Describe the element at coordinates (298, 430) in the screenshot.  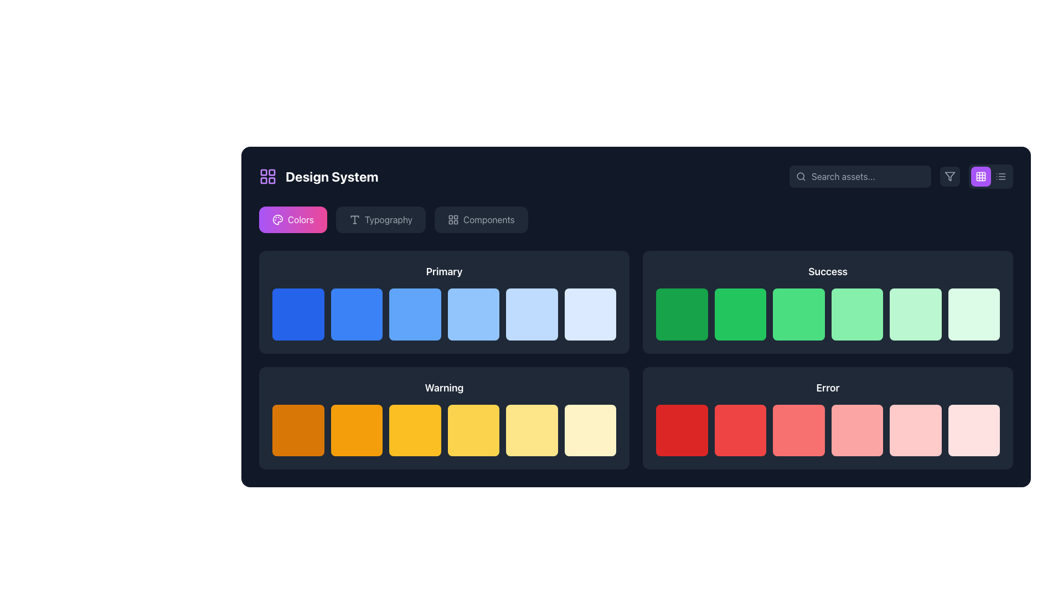
I see `the interactive square button with an orange background and rounded corners, located in the 'Warning' category grid as the first item` at that location.